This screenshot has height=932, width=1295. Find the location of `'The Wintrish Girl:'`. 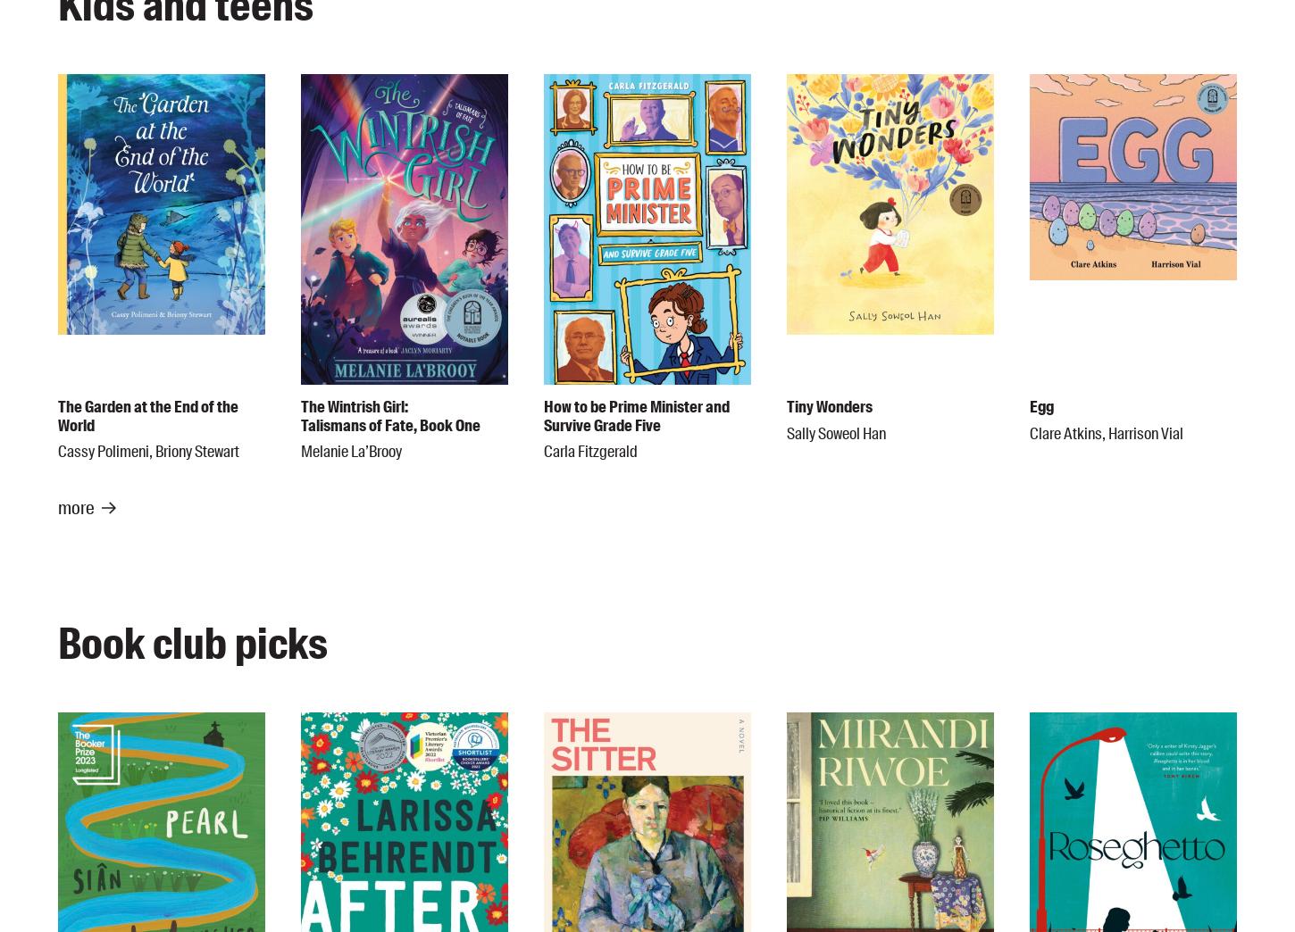

'The Wintrish Girl:' is located at coordinates (354, 404).